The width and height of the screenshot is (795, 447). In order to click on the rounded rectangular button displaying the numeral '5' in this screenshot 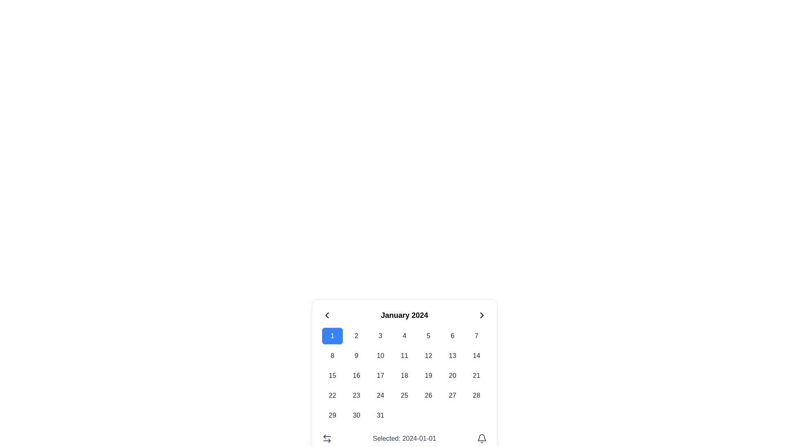, I will do `click(429, 336)`.